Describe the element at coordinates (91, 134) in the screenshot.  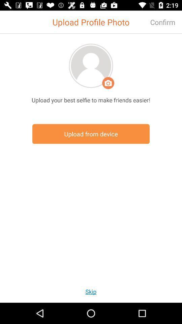
I see `the icon below upload your best icon` at that location.